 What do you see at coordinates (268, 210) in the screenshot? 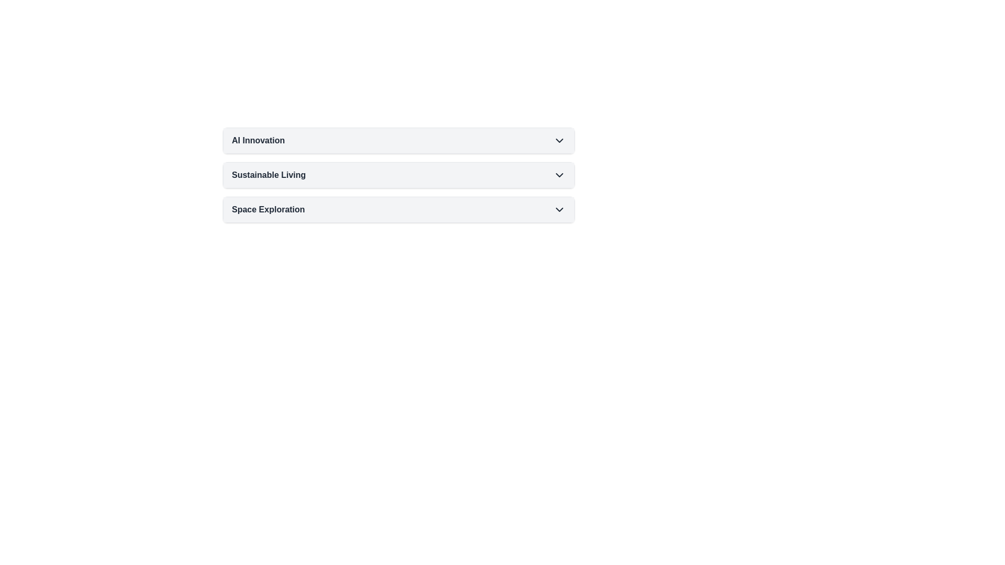
I see `the text label that reads 'Space Exploration', which is styled with a dark font and positioned on the left side within its containing bar element` at bounding box center [268, 210].